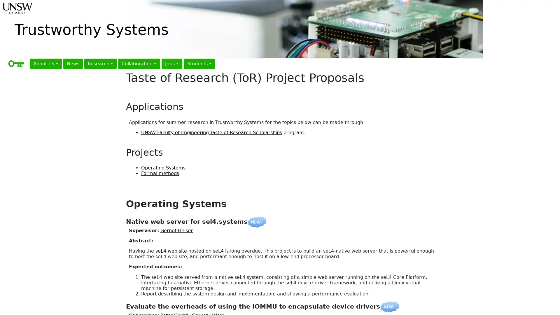  Describe the element at coordinates (45, 64) in the screenshot. I see `About TS` at that location.